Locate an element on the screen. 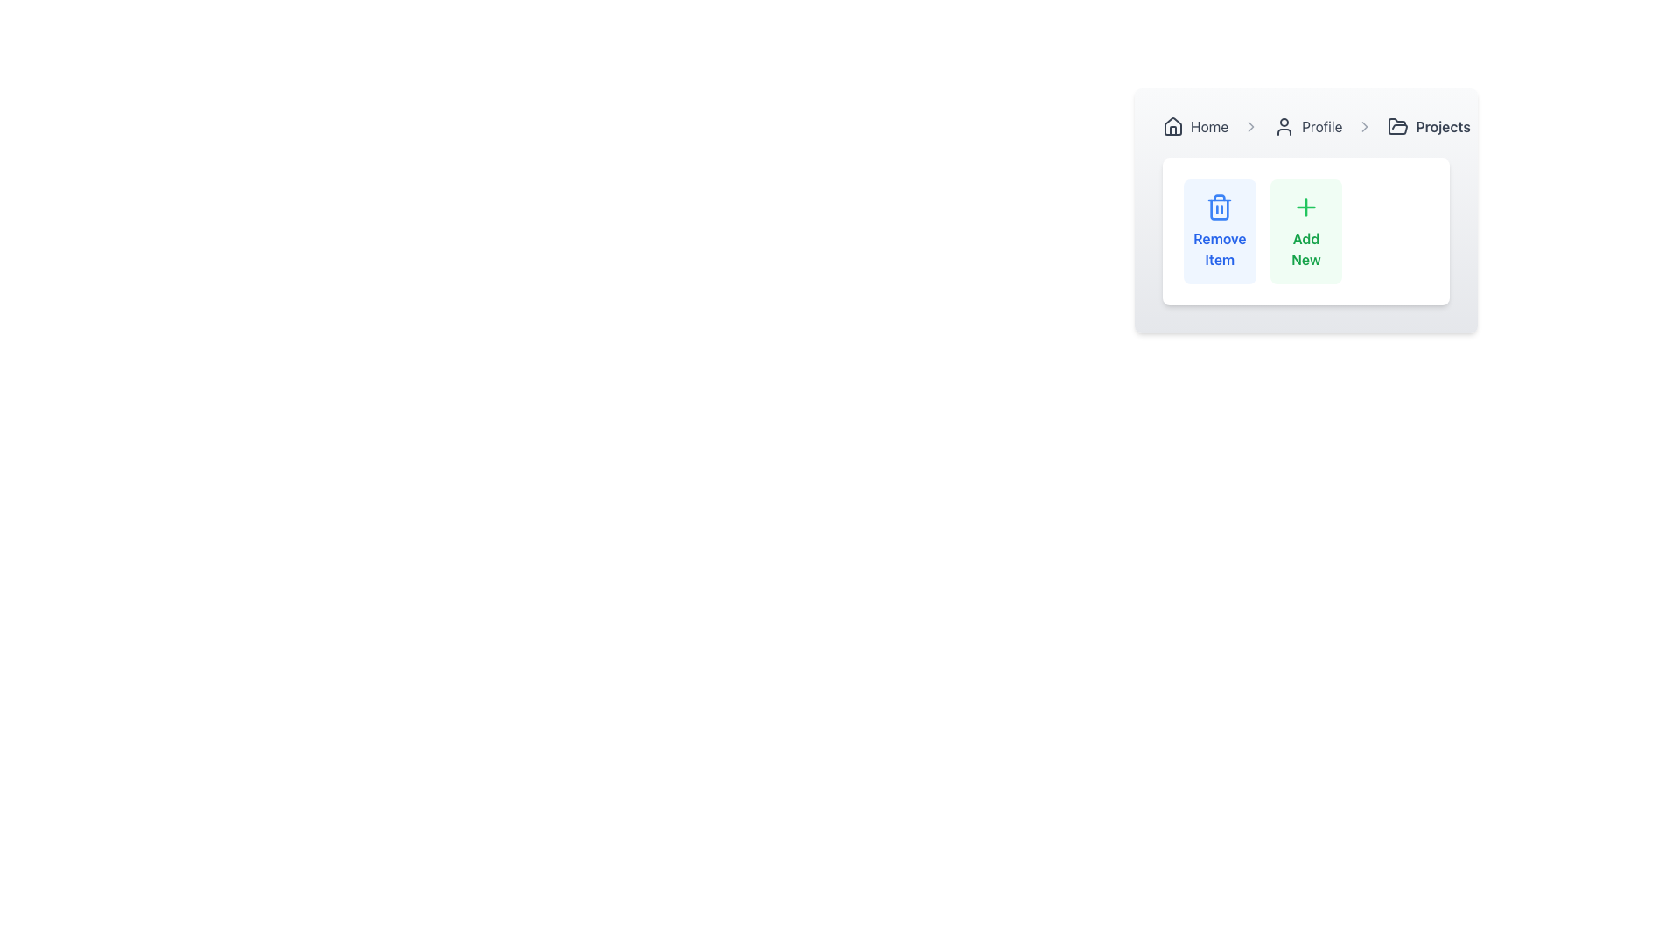  the folder icon that is styled with a line-based illustration and is positioned to the left of the 'Projects' text label in the navigation bar is located at coordinates (1397, 126).